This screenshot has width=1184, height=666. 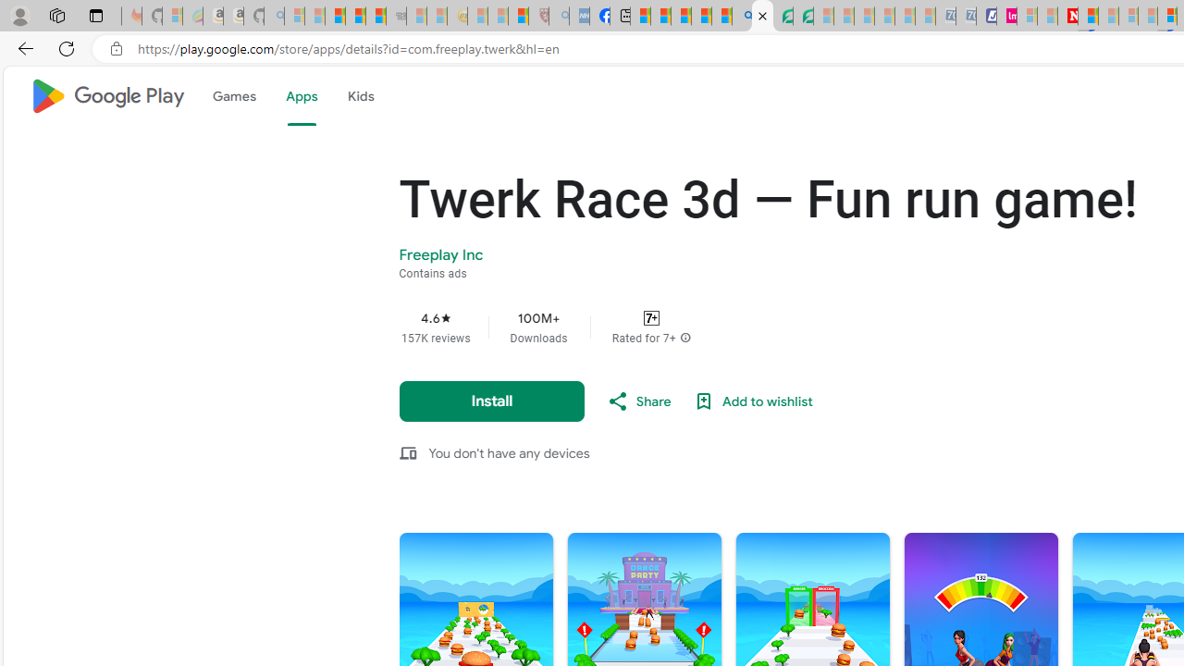 I want to click on 'Close tab', so click(x=762, y=16).